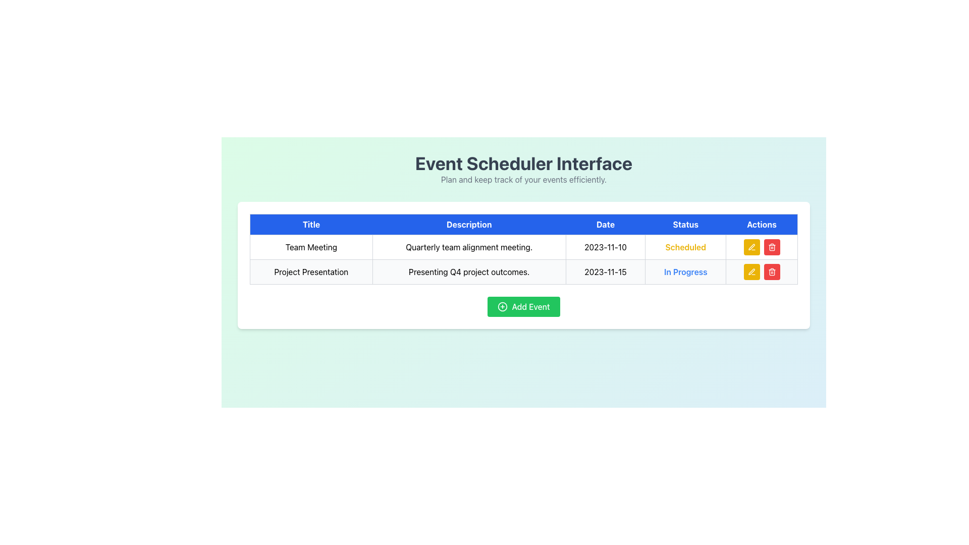 Image resolution: width=969 pixels, height=545 pixels. Describe the element at coordinates (468, 224) in the screenshot. I see `the 'Description' header, which is a bold blue rectangular area with centered white, capitalized text, positioned between the 'Title' and 'Date' headers` at that location.